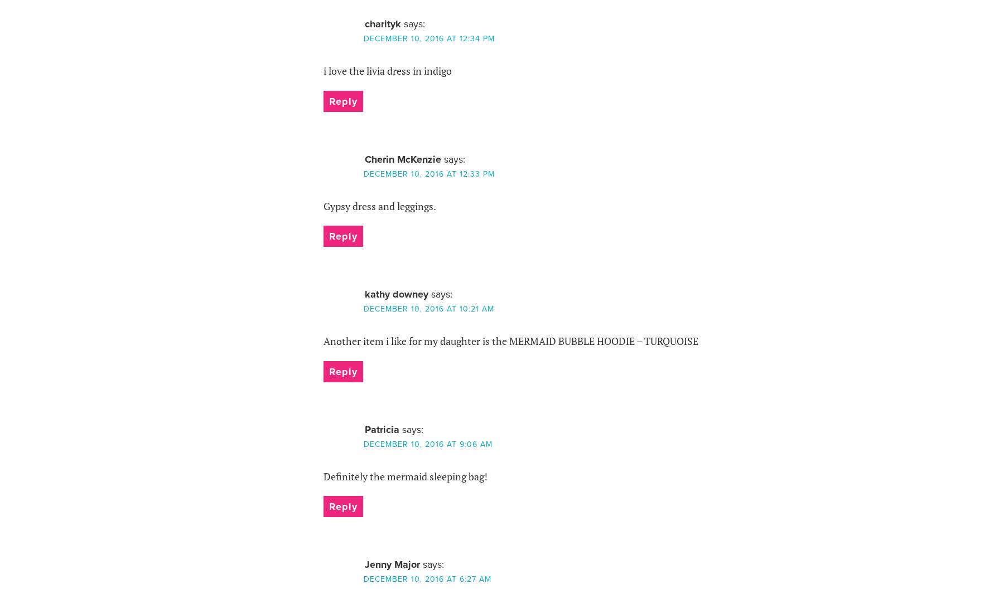 Image resolution: width=1004 pixels, height=589 pixels. Describe the element at coordinates (391, 564) in the screenshot. I see `'Jenny Major'` at that location.